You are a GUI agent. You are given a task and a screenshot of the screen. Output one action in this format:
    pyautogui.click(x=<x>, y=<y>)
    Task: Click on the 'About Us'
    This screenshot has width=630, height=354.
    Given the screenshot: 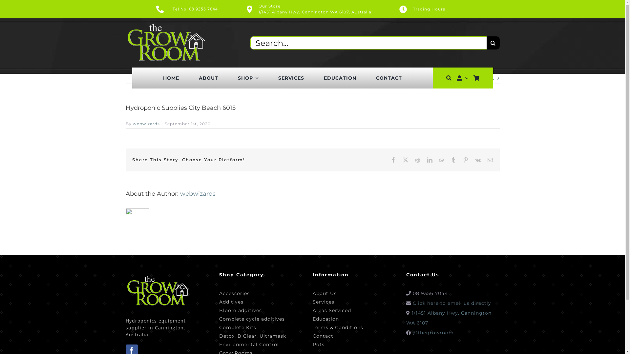 What is the action you would take?
    pyautogui.click(x=337, y=292)
    